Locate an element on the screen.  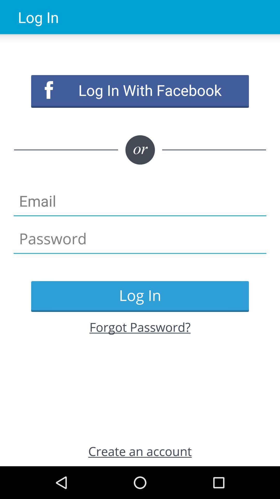
the item above the create an account item is located at coordinates (140, 327).